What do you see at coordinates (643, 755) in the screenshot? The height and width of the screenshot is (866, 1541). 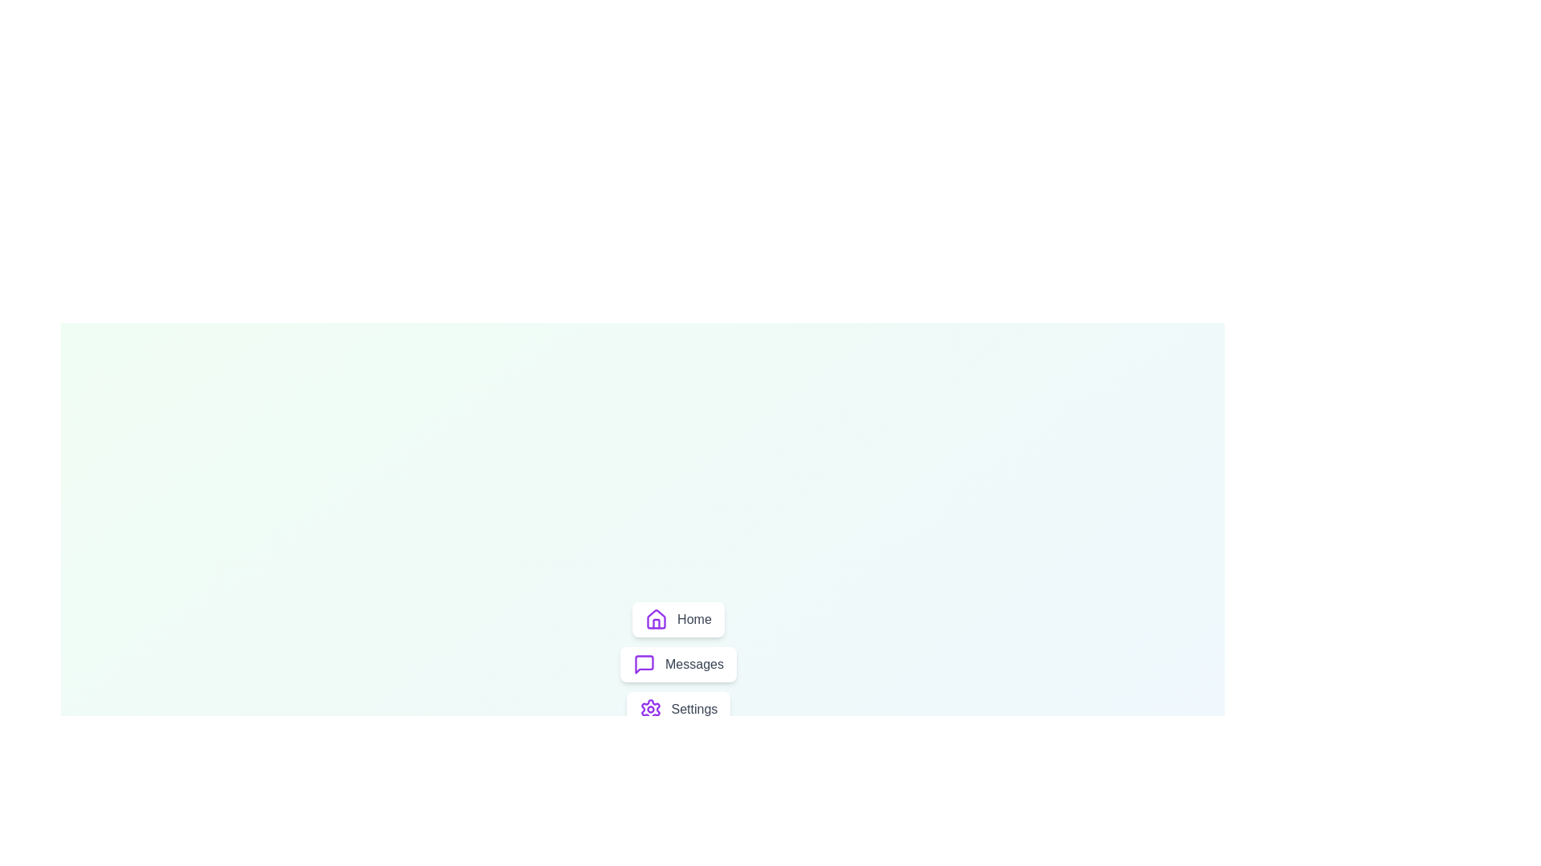 I see `the toggle button to change the menu visibility` at bounding box center [643, 755].